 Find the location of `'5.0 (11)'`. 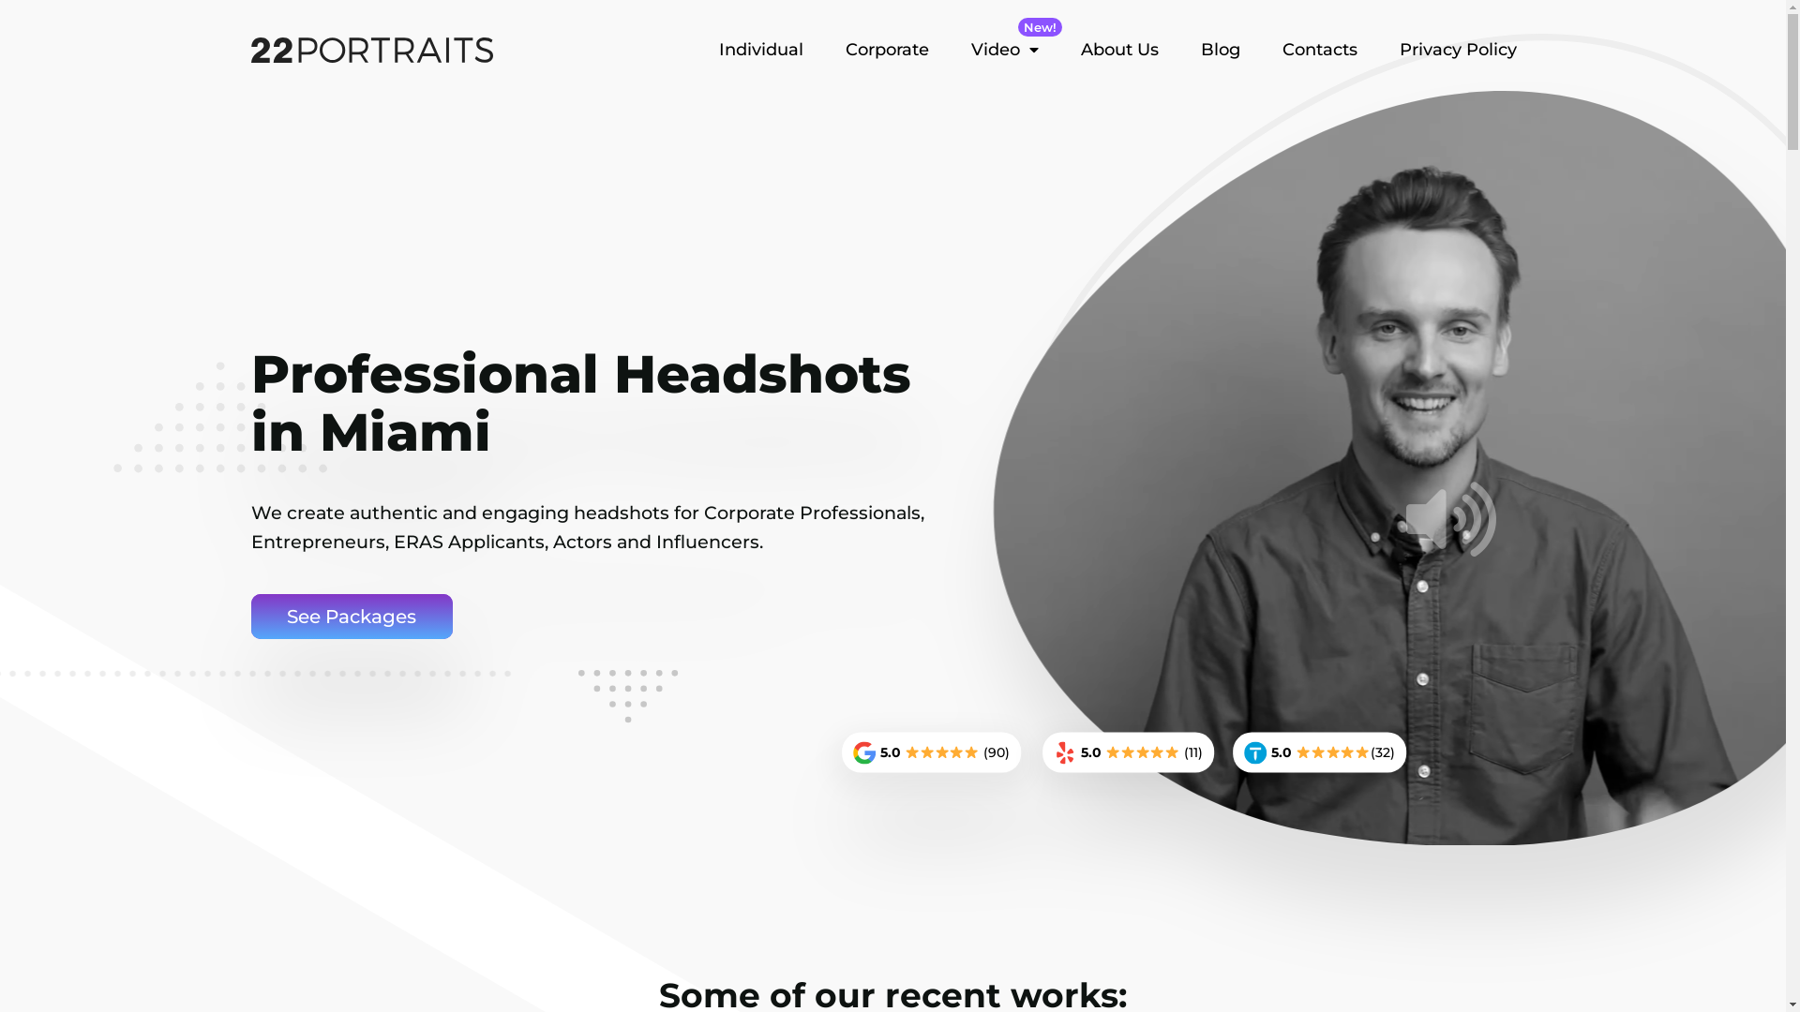

'5.0 (11)' is located at coordinates (1128, 752).